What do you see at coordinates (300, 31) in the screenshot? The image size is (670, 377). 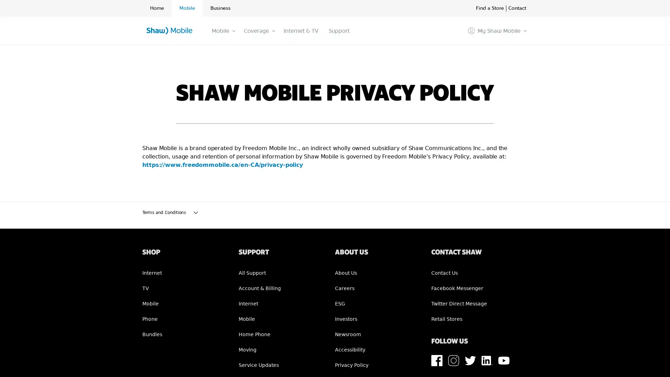 I see `Internet & TV` at bounding box center [300, 31].